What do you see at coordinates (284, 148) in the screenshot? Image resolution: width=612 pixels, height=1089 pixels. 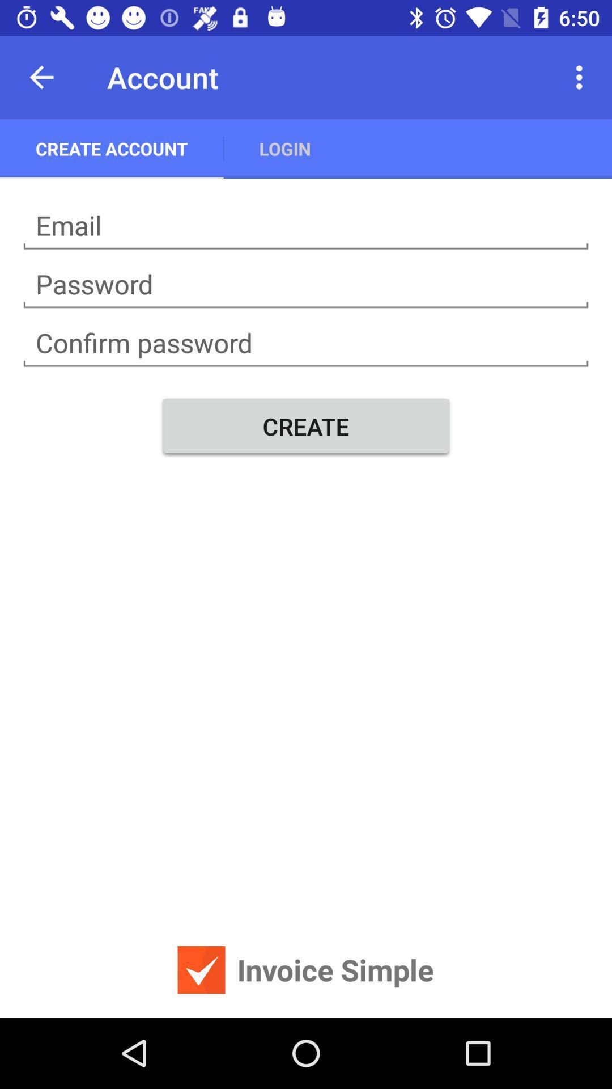 I see `login icon` at bounding box center [284, 148].